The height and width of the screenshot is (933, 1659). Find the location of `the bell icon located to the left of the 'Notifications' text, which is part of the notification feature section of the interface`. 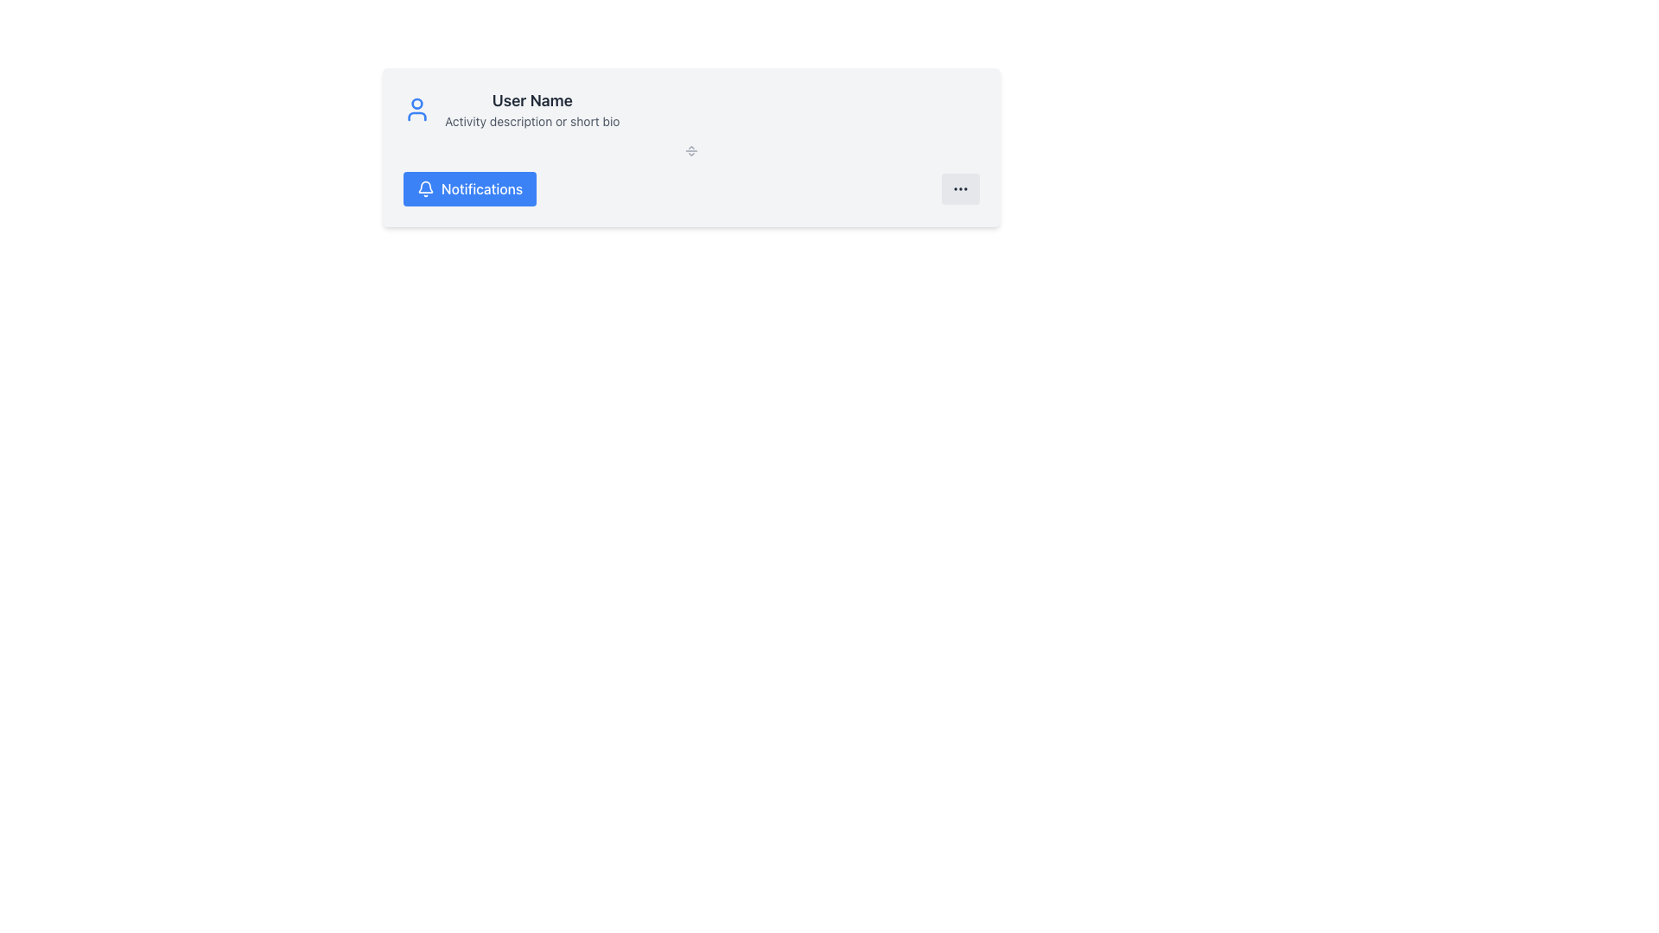

the bell icon located to the left of the 'Notifications' text, which is part of the notification feature section of the interface is located at coordinates (426, 187).